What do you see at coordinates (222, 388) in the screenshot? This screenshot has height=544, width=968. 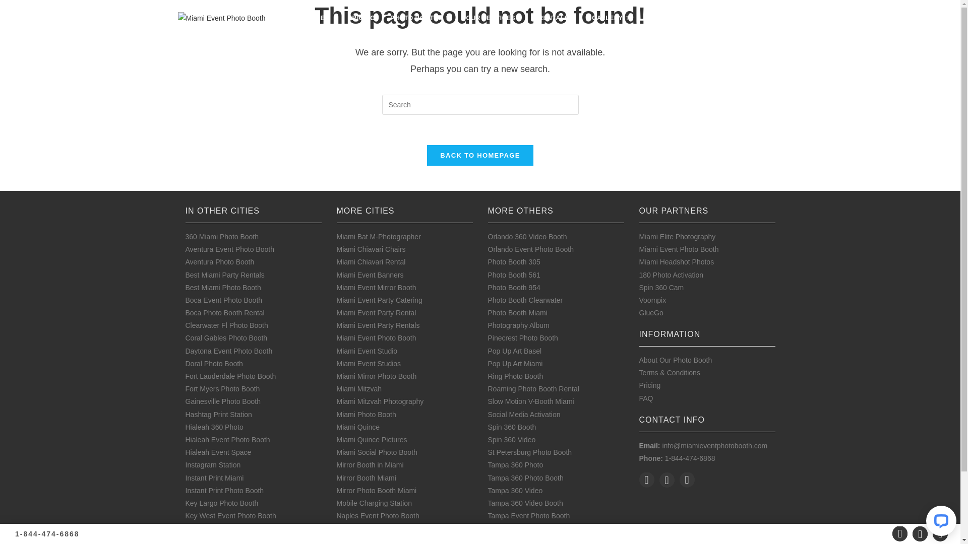 I see `'Fort Myers Photo Booth'` at bounding box center [222, 388].